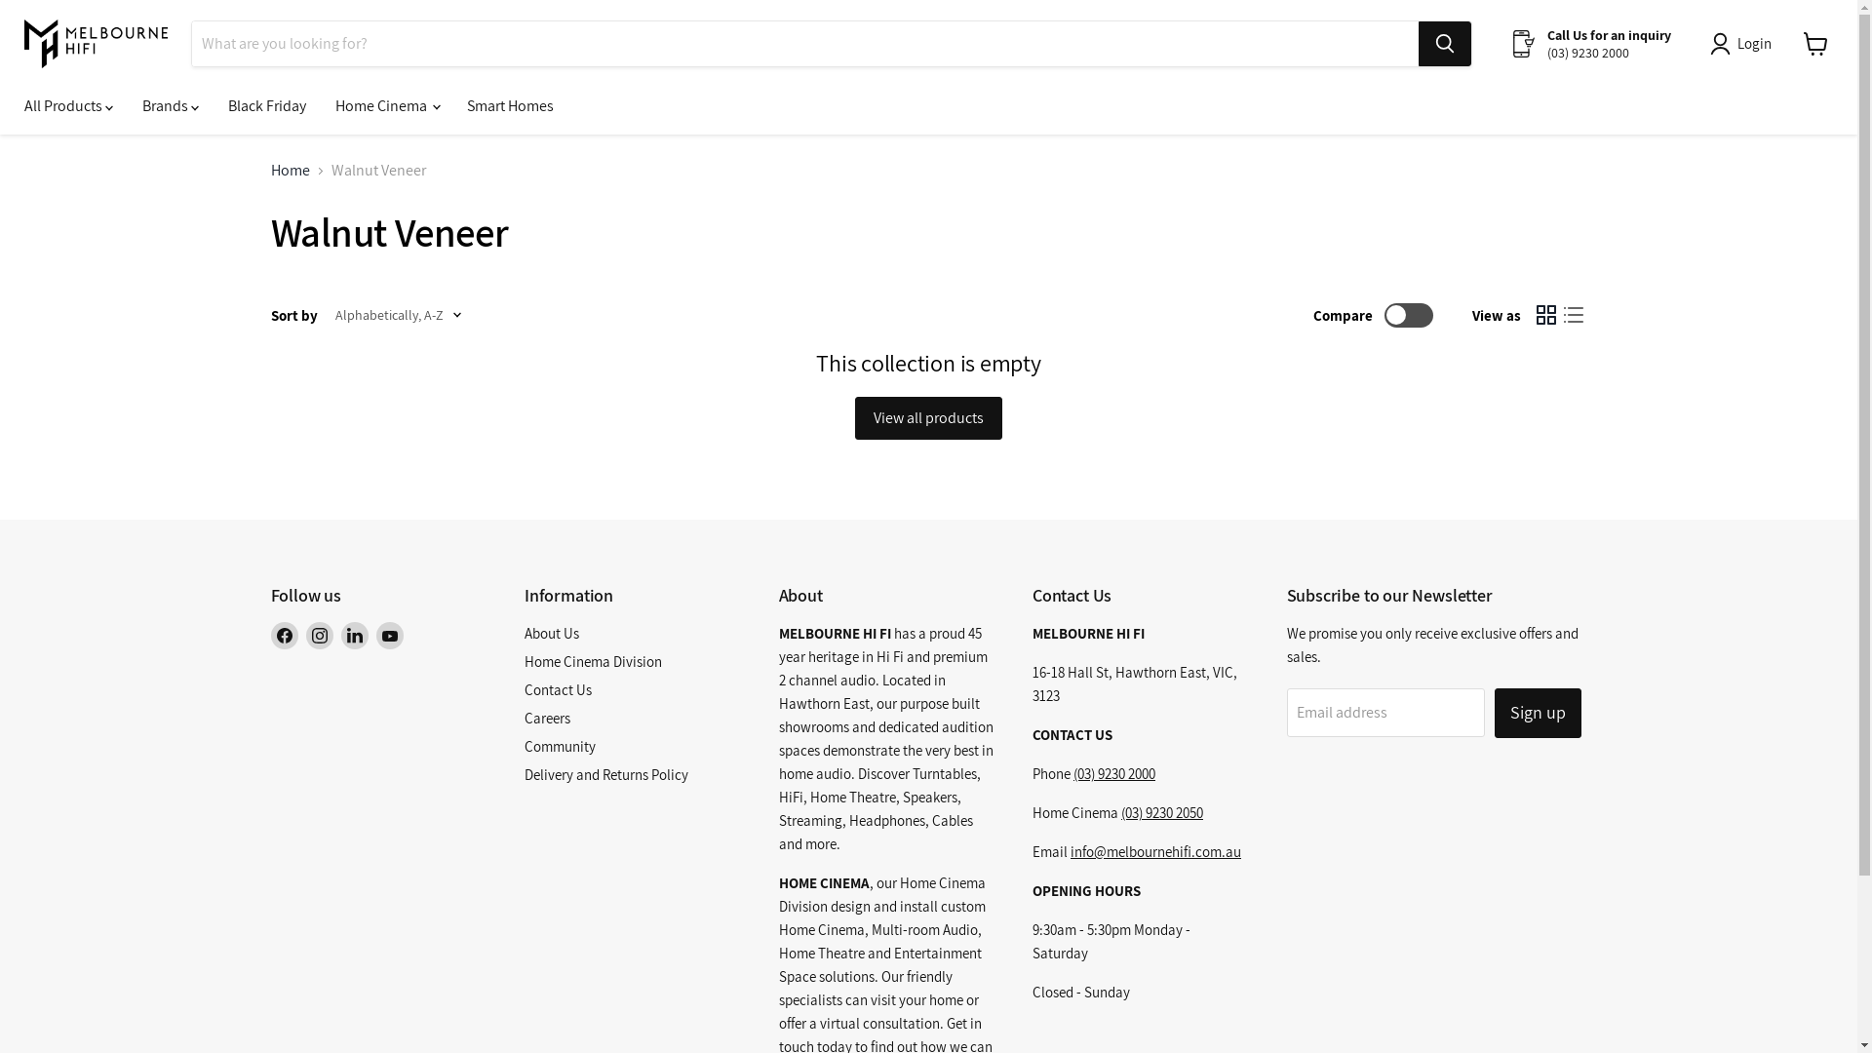  I want to click on 'Login', so click(1744, 44).